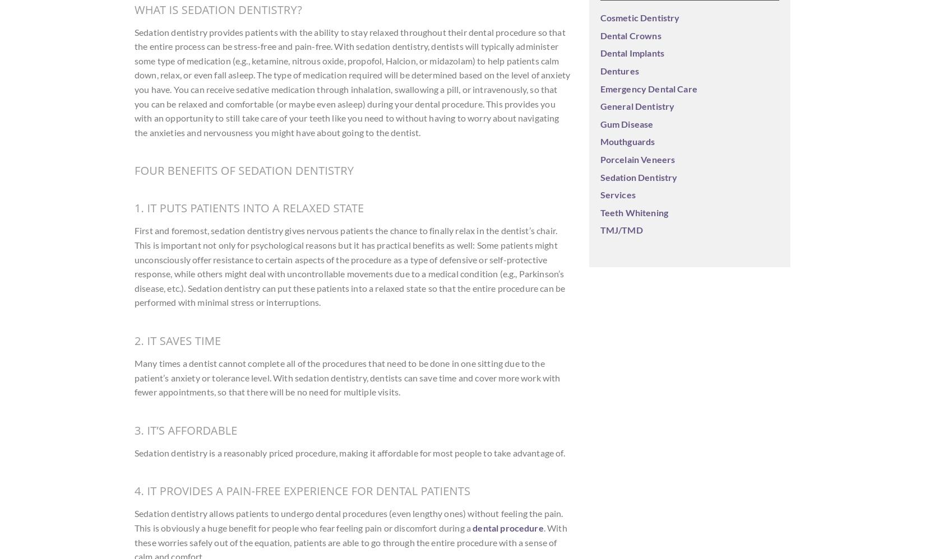 The image size is (925, 559). I want to click on 'General Dentistry', so click(637, 105).